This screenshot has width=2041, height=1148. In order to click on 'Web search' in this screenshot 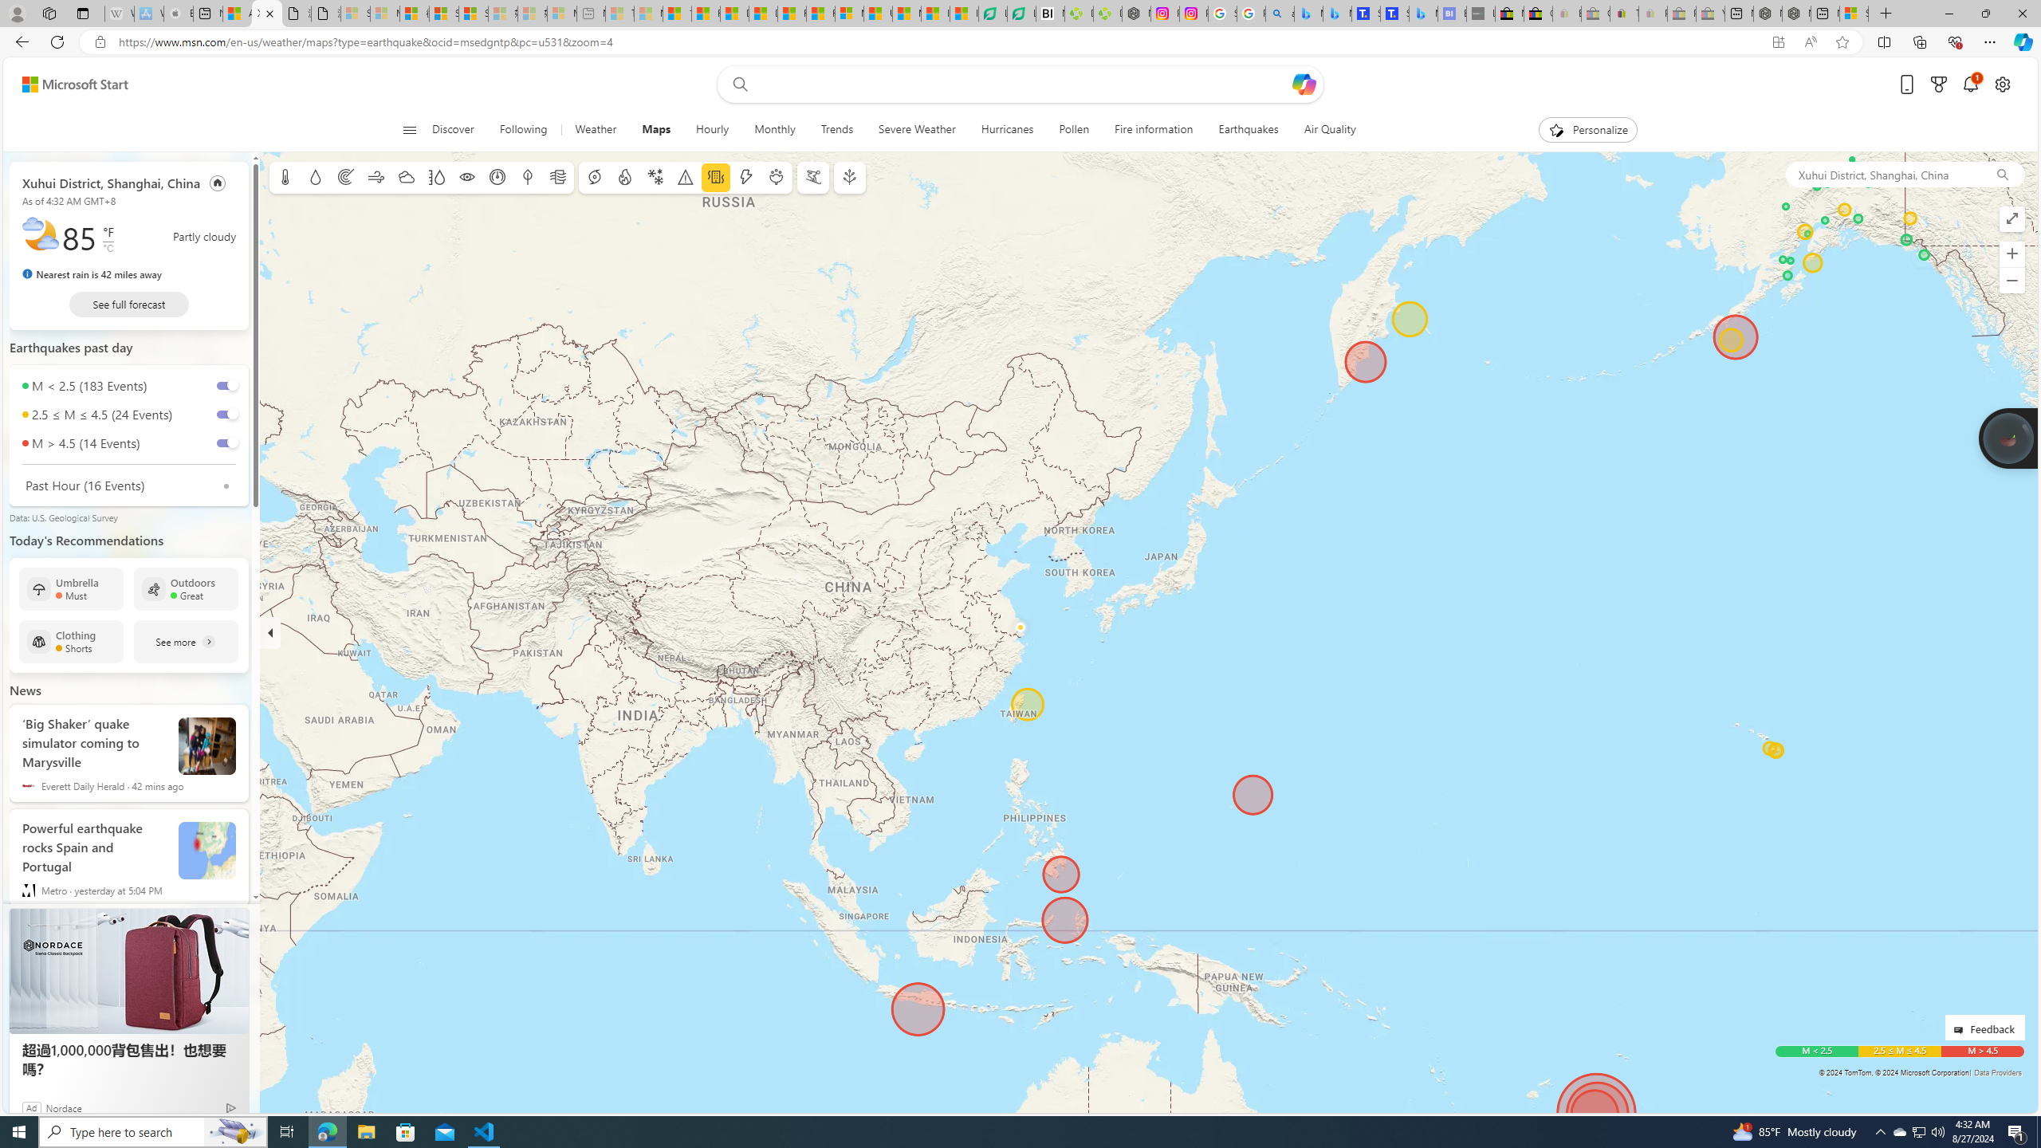, I will do `click(737, 85)`.